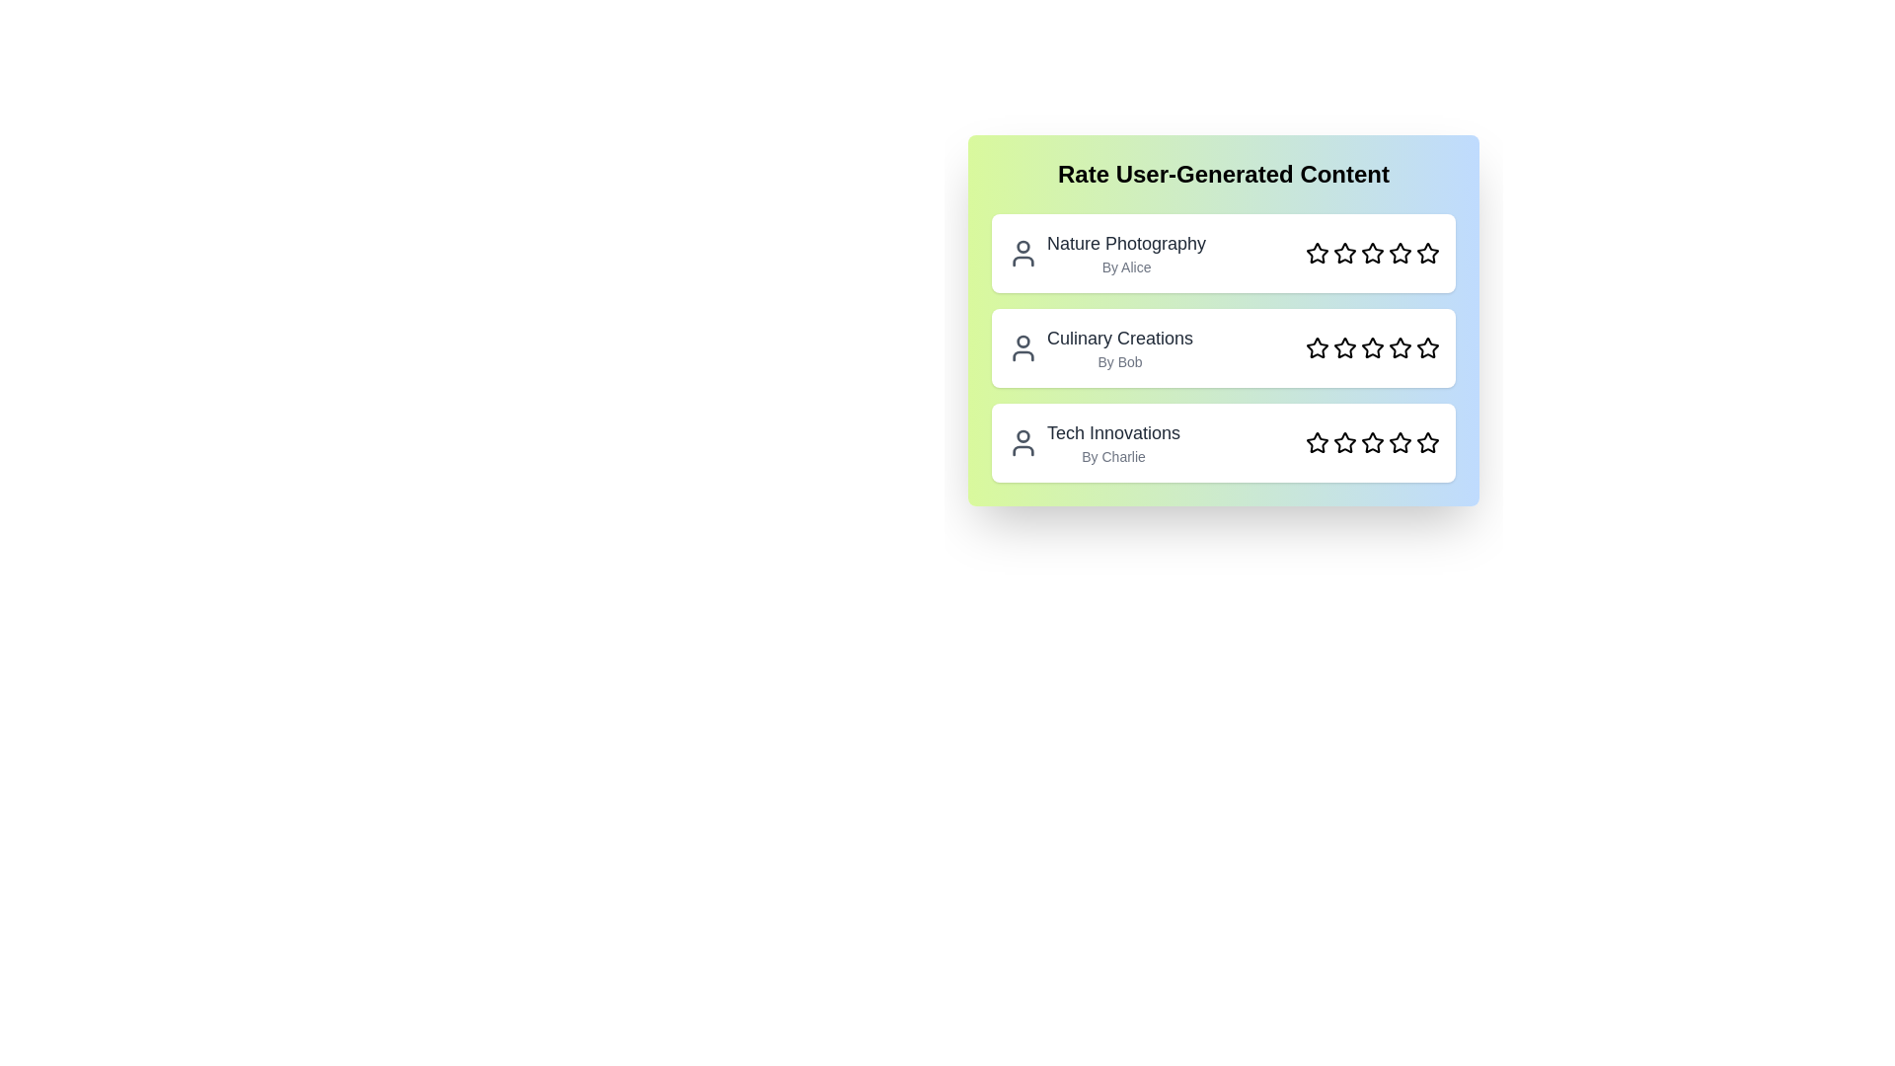  Describe the element at coordinates (1317, 253) in the screenshot. I see `the star corresponding to the rating 1 for the content Nature Photography` at that location.